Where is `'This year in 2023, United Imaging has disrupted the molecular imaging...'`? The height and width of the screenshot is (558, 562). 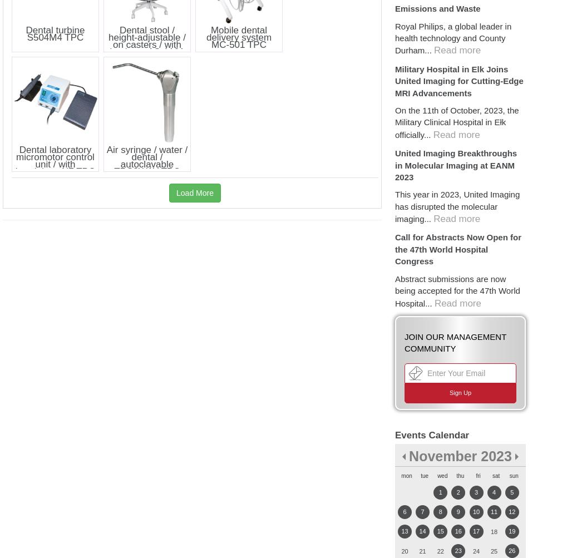 'This year in 2023, United Imaging has disrupted the molecular imaging...' is located at coordinates (457, 206).